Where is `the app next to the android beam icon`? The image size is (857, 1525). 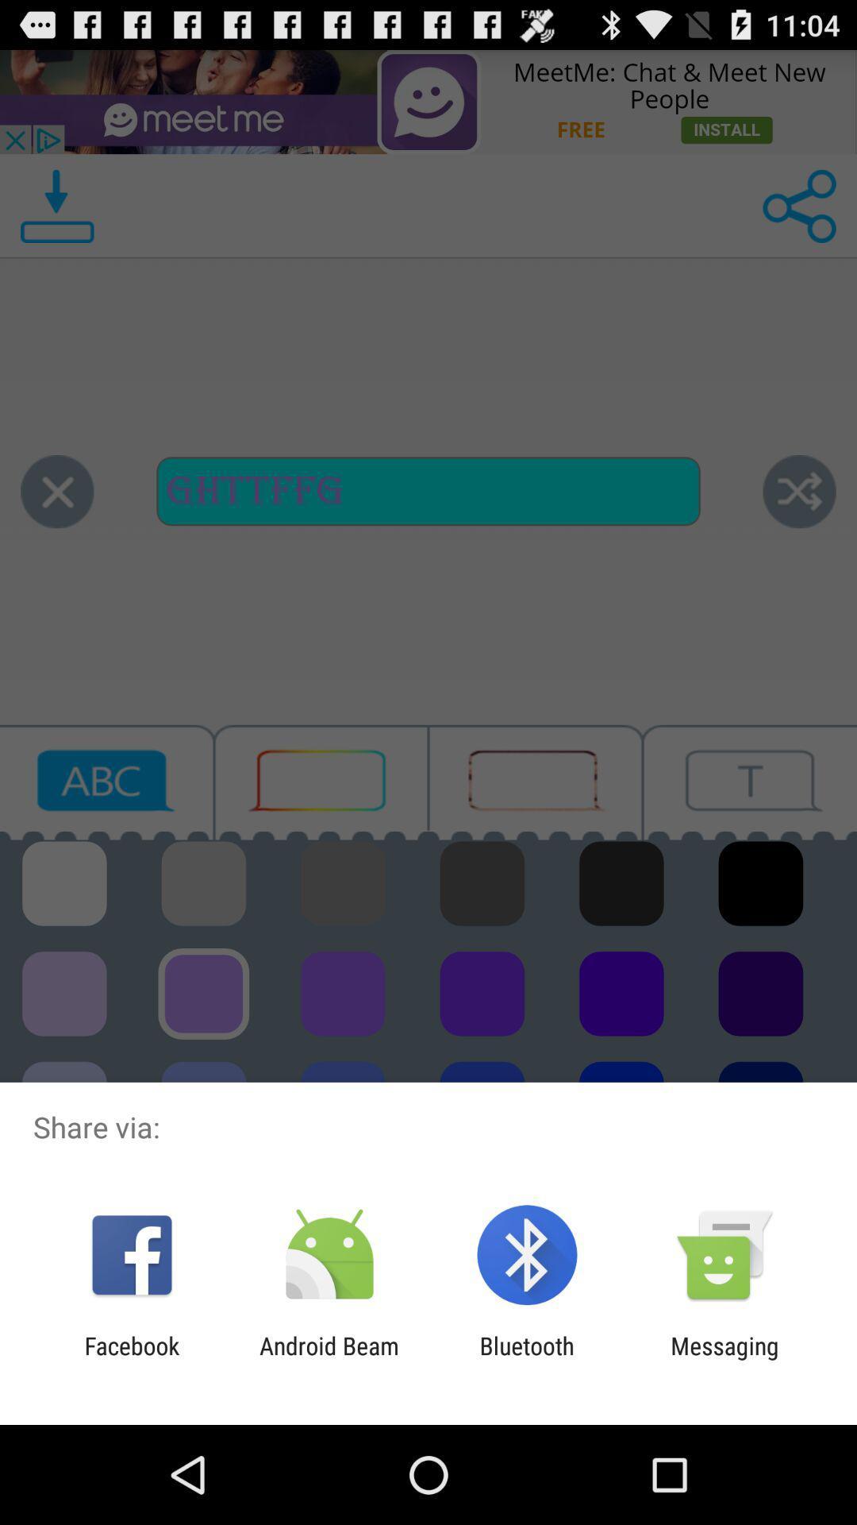
the app next to the android beam icon is located at coordinates (527, 1359).